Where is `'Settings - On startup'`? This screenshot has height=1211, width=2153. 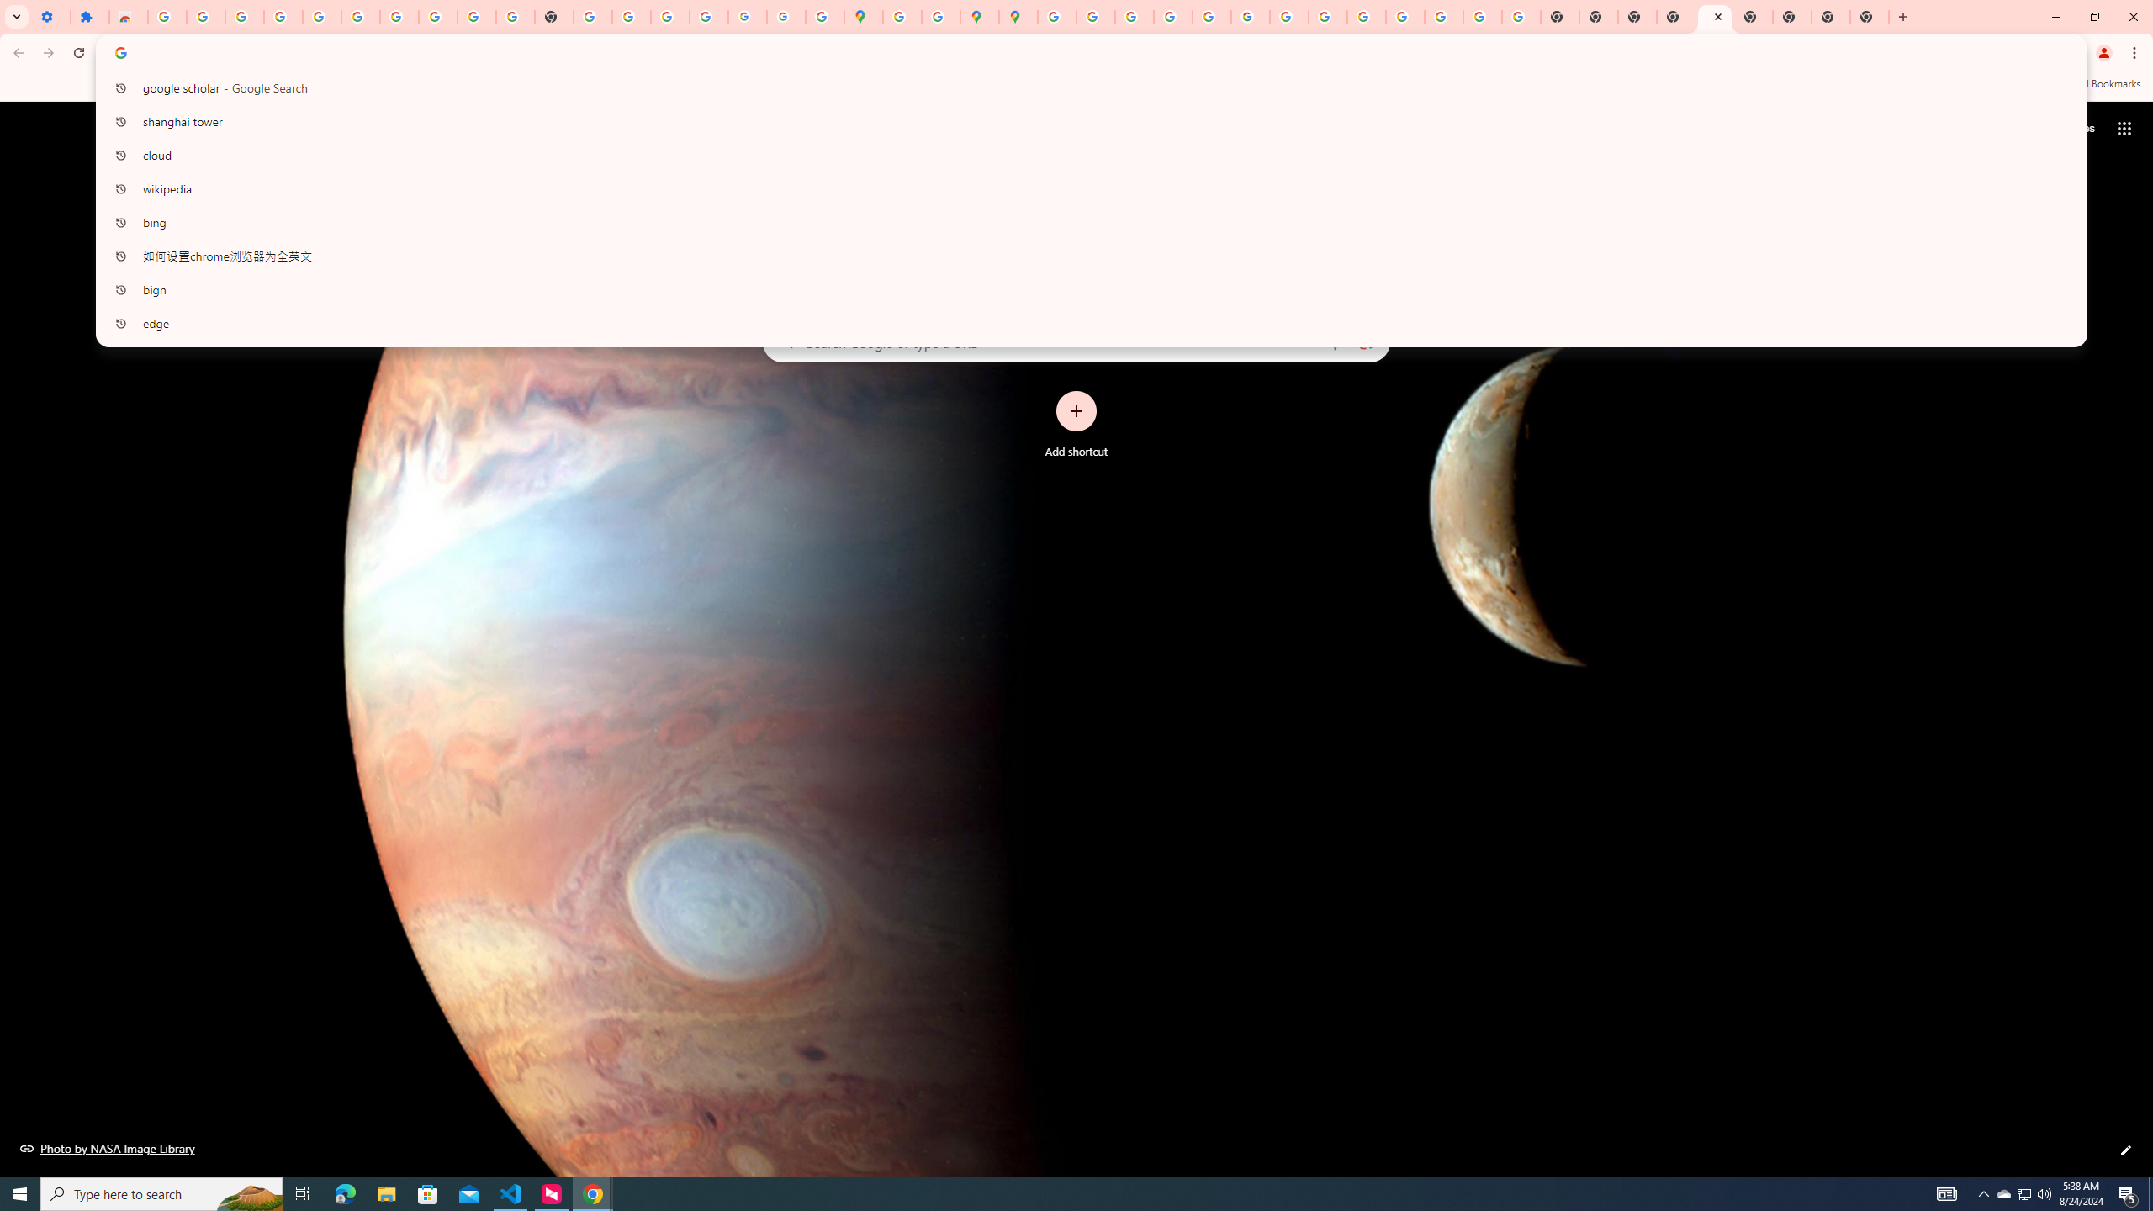 'Settings - On startup' is located at coordinates (50, 16).